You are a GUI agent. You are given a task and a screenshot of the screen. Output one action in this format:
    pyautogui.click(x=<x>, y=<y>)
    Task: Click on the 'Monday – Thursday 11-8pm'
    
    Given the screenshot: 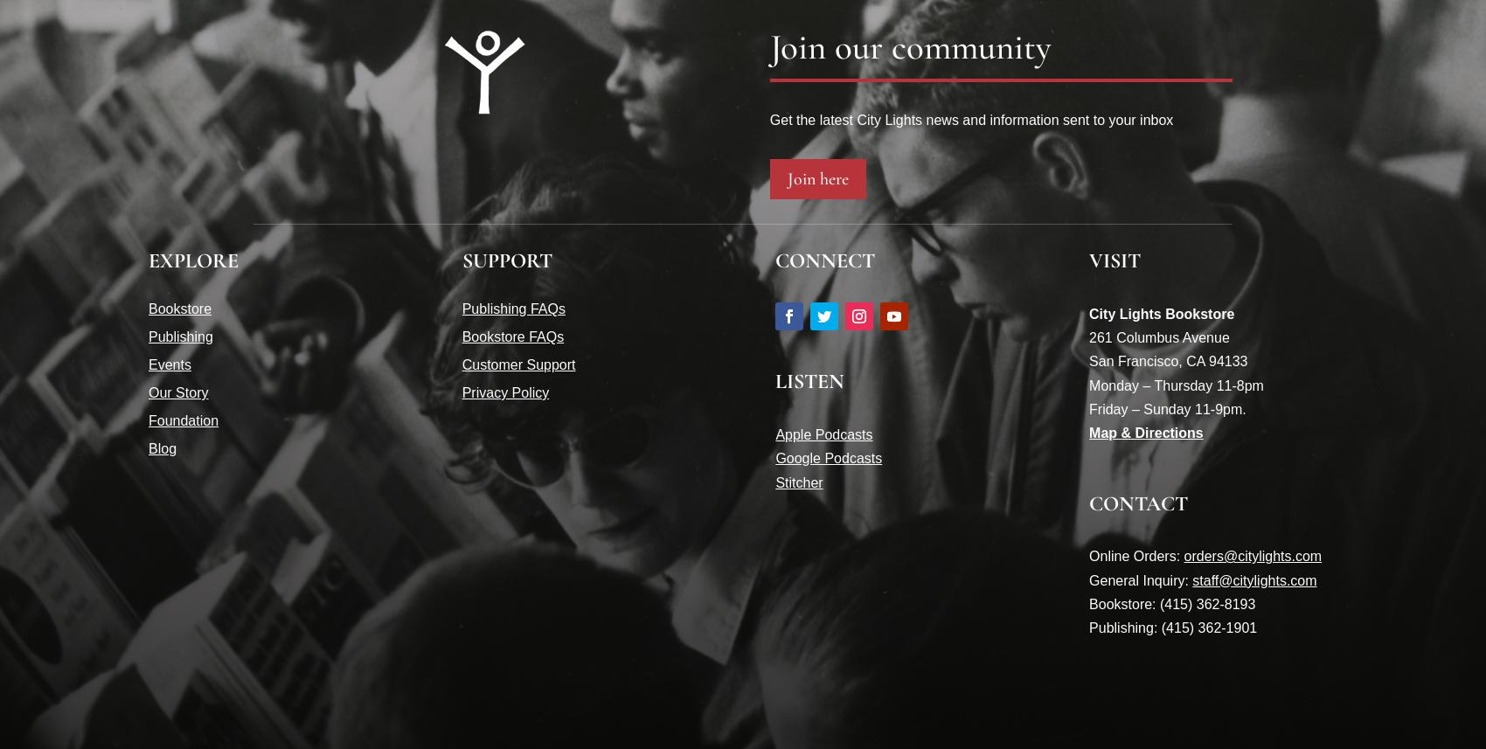 What is the action you would take?
    pyautogui.click(x=1176, y=384)
    